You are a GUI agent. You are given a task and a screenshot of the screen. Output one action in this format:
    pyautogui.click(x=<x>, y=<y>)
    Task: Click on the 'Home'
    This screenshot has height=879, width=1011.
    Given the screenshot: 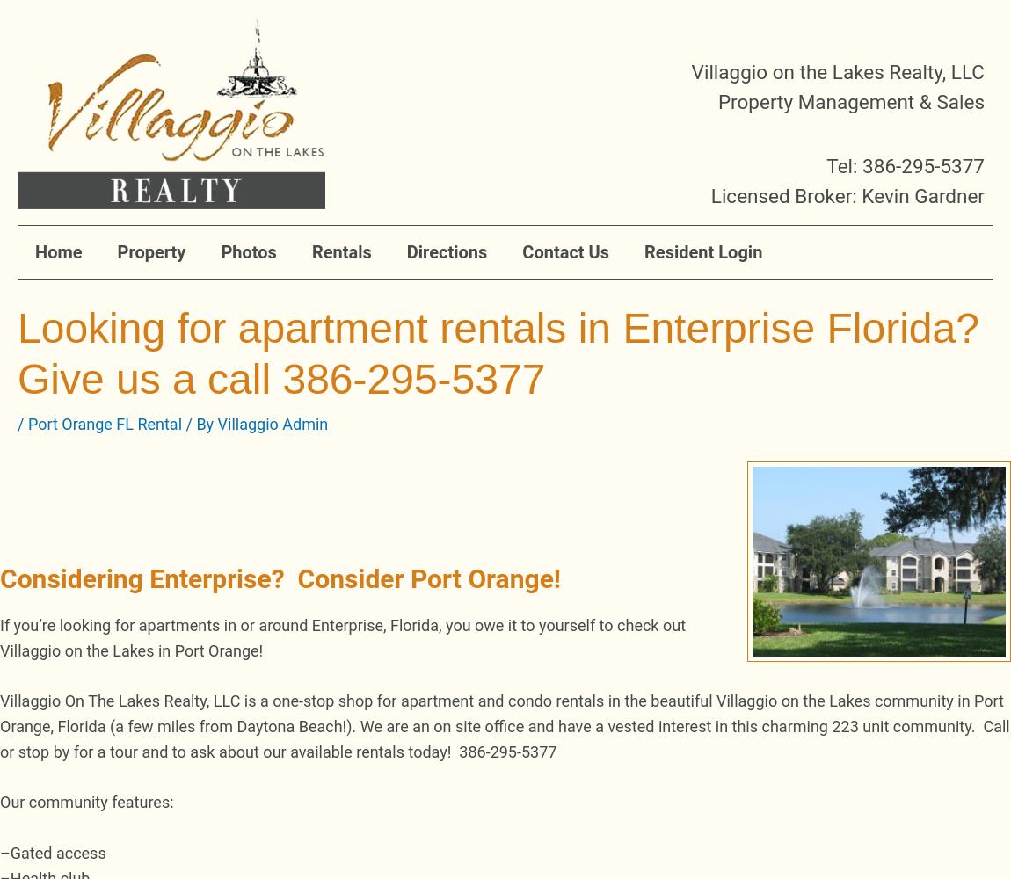 What is the action you would take?
    pyautogui.click(x=57, y=252)
    